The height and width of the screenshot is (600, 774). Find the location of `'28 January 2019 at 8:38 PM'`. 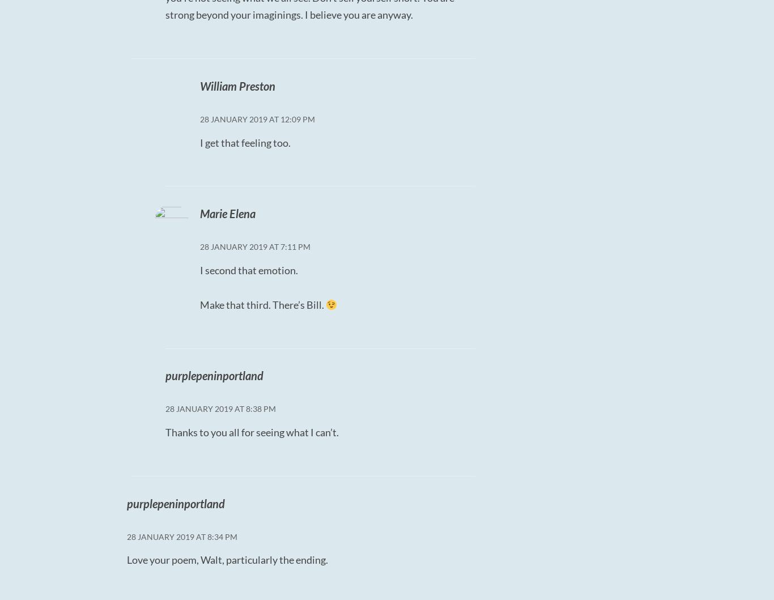

'28 January 2019 at 8:38 PM' is located at coordinates (219, 408).